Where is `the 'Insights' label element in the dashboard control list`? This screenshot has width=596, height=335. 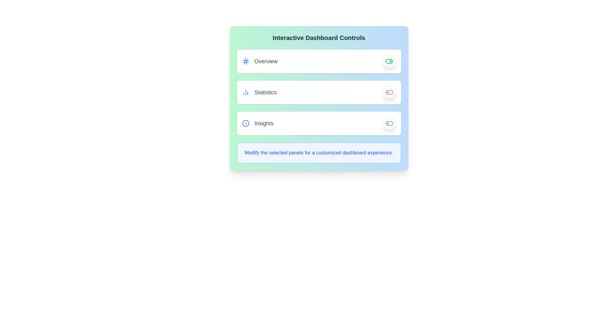 the 'Insights' label element in the dashboard control list is located at coordinates (258, 123).